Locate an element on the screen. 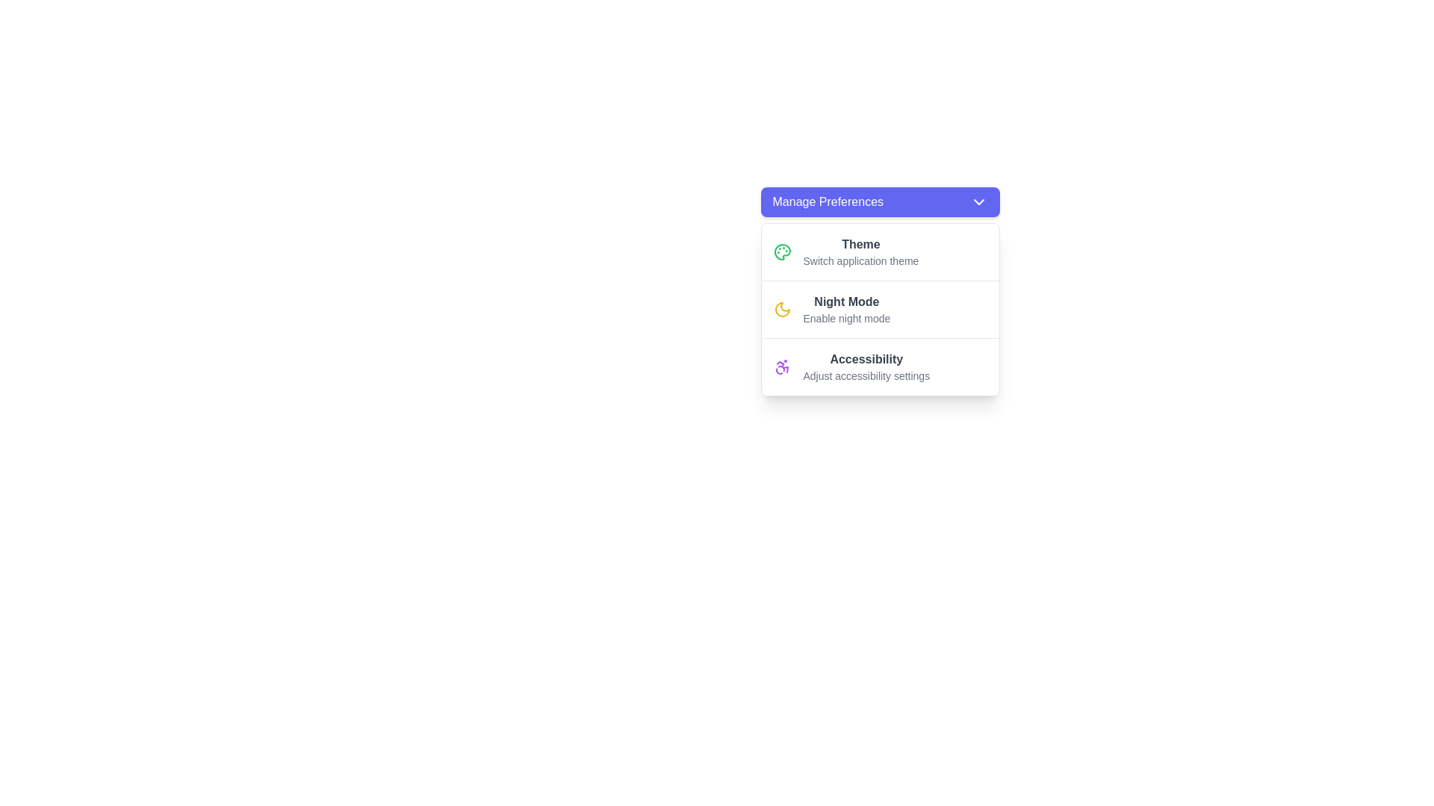 This screenshot has height=806, width=1434. keyboard navigation is located at coordinates (866, 375).